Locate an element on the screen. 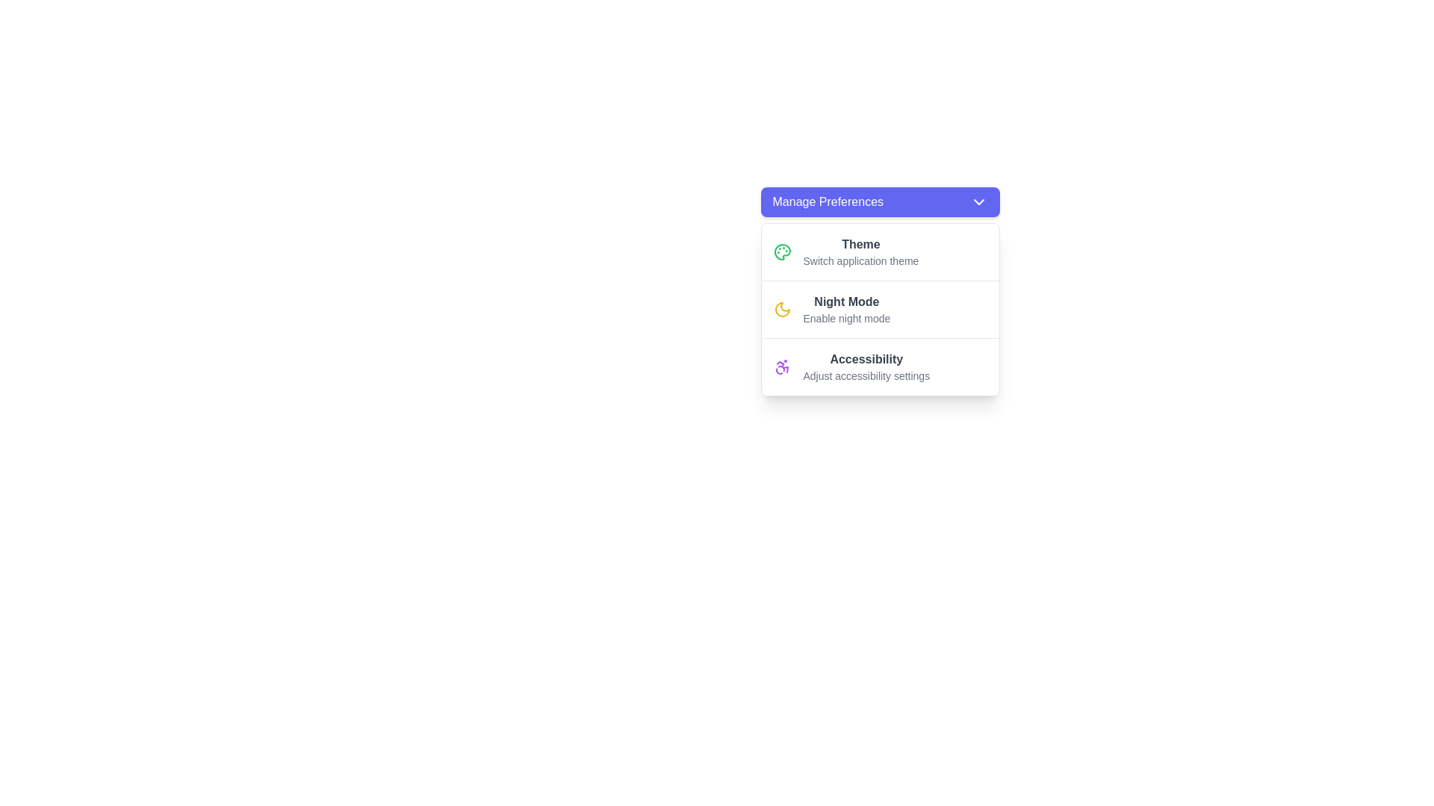 This screenshot has height=806, width=1434. keyboard navigation is located at coordinates (866, 375).